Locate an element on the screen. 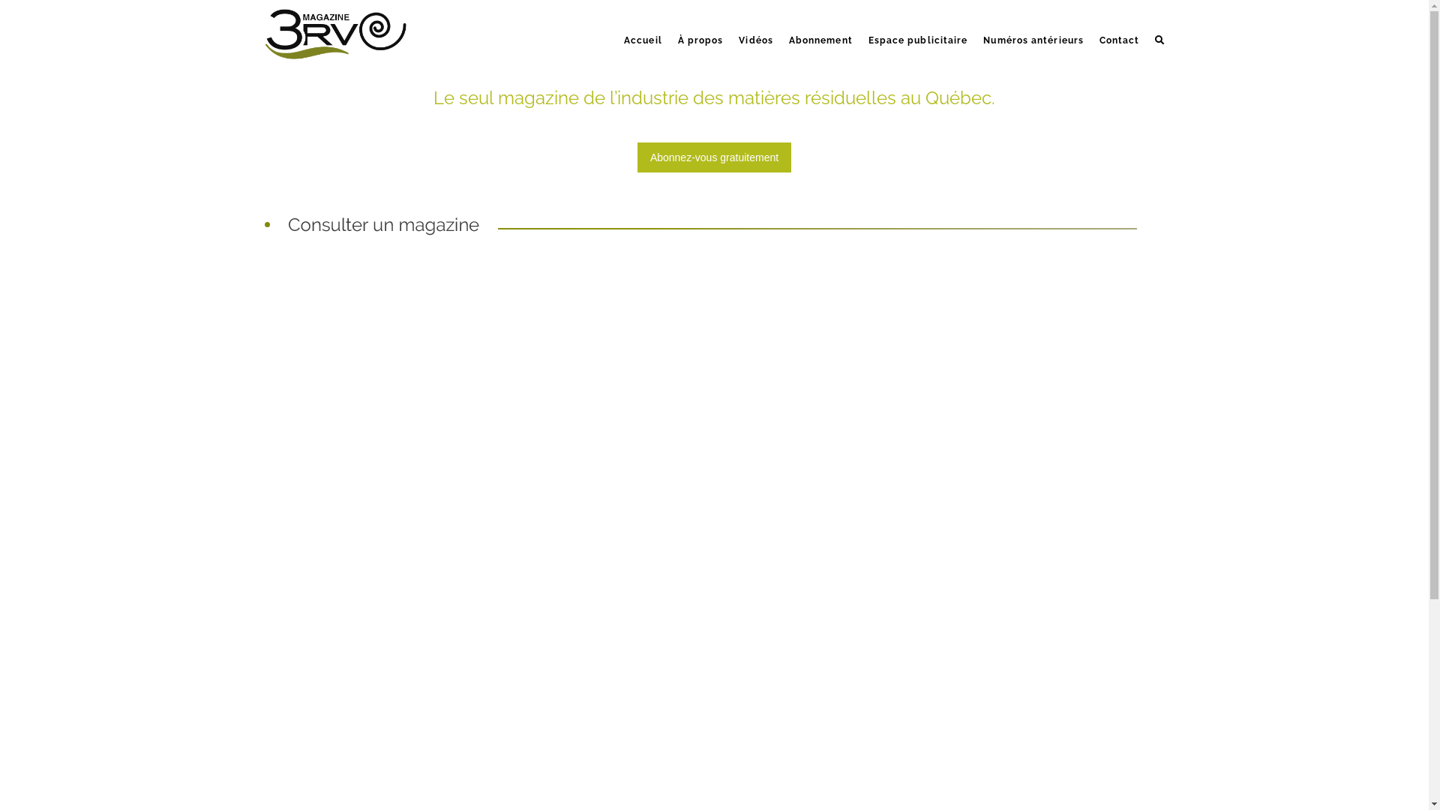  'Espace publicitaire' is located at coordinates (860, 25).